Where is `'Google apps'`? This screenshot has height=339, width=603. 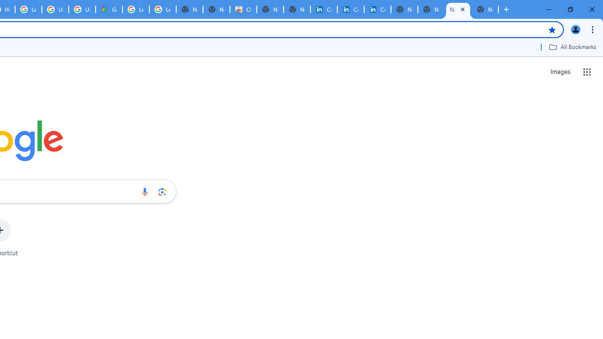 'Google apps' is located at coordinates (587, 72).